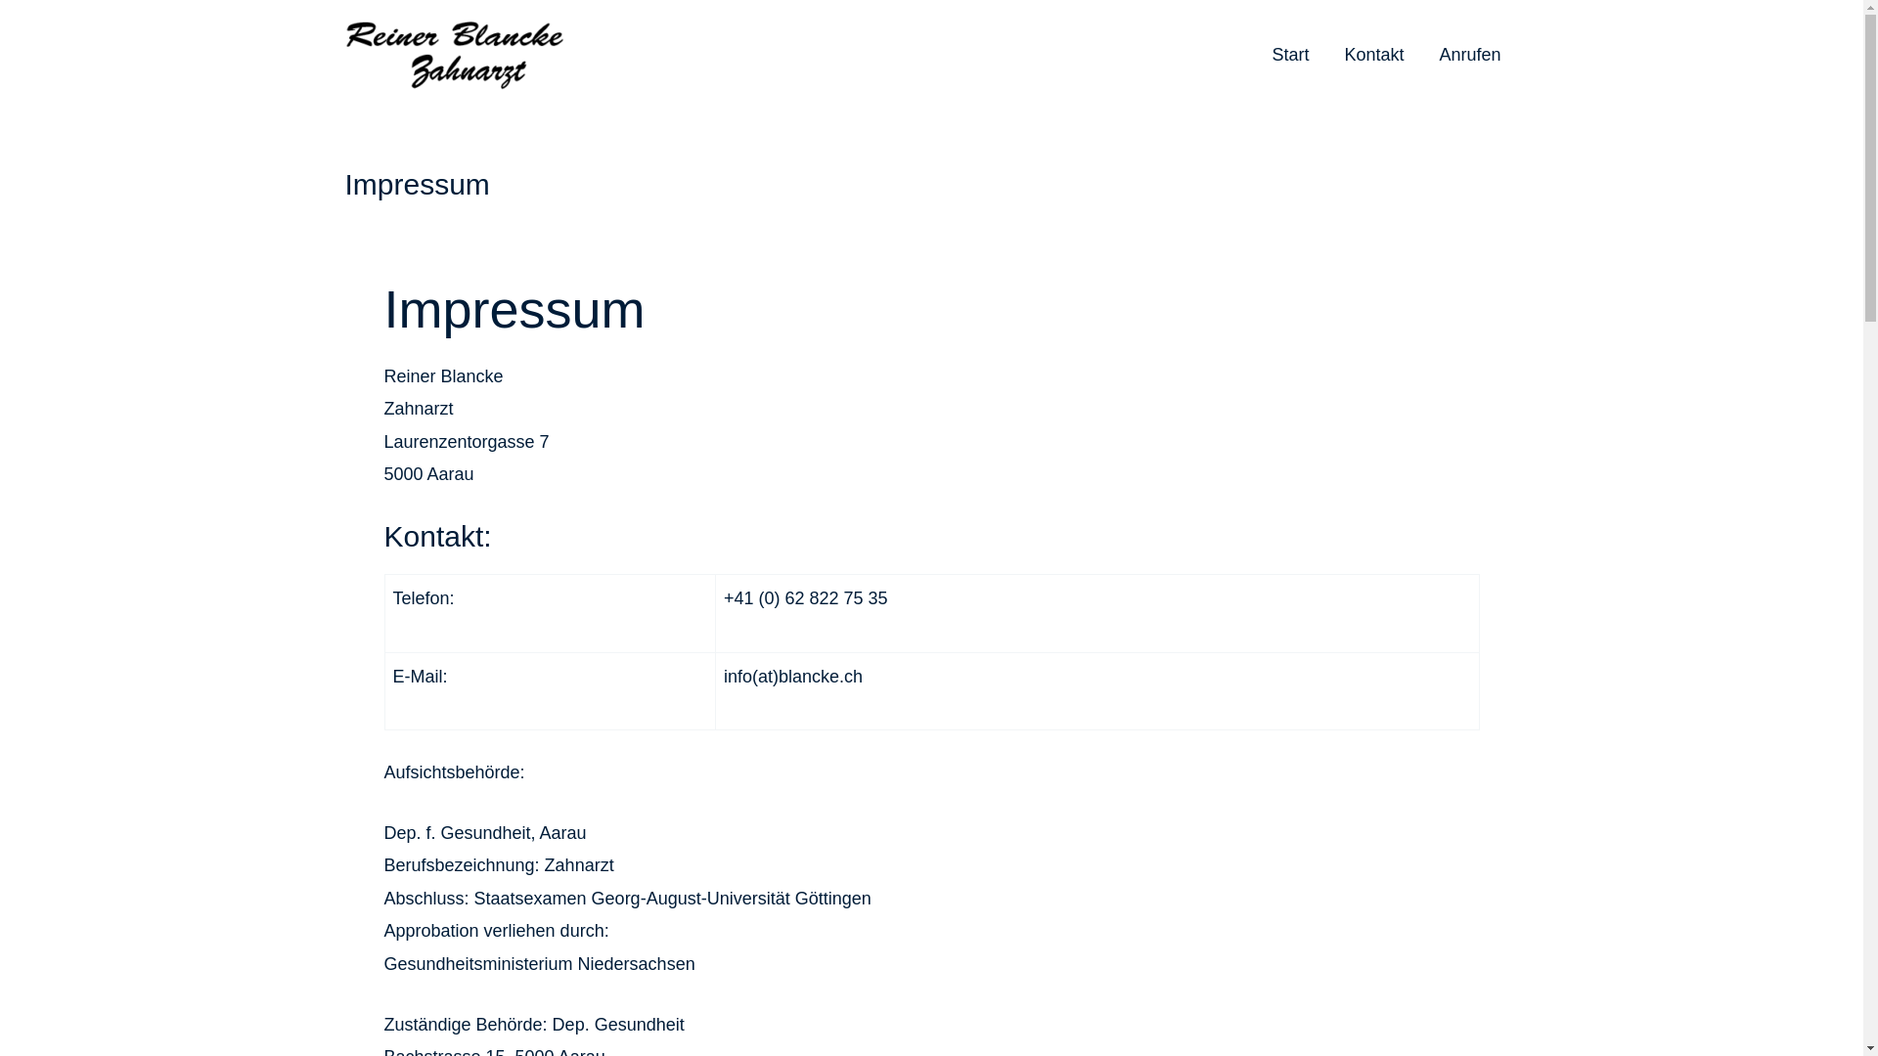  What do you see at coordinates (1372, 54) in the screenshot?
I see `'Kontakt'` at bounding box center [1372, 54].